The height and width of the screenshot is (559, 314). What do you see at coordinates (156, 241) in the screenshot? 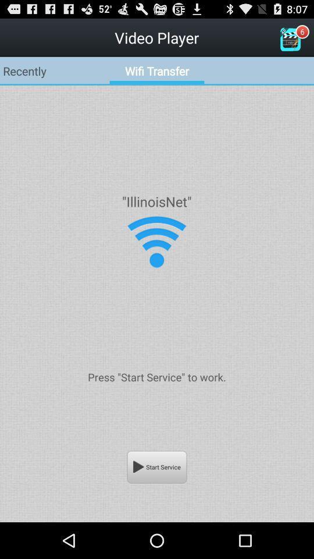
I see `change wireless settings for that connection` at bounding box center [156, 241].